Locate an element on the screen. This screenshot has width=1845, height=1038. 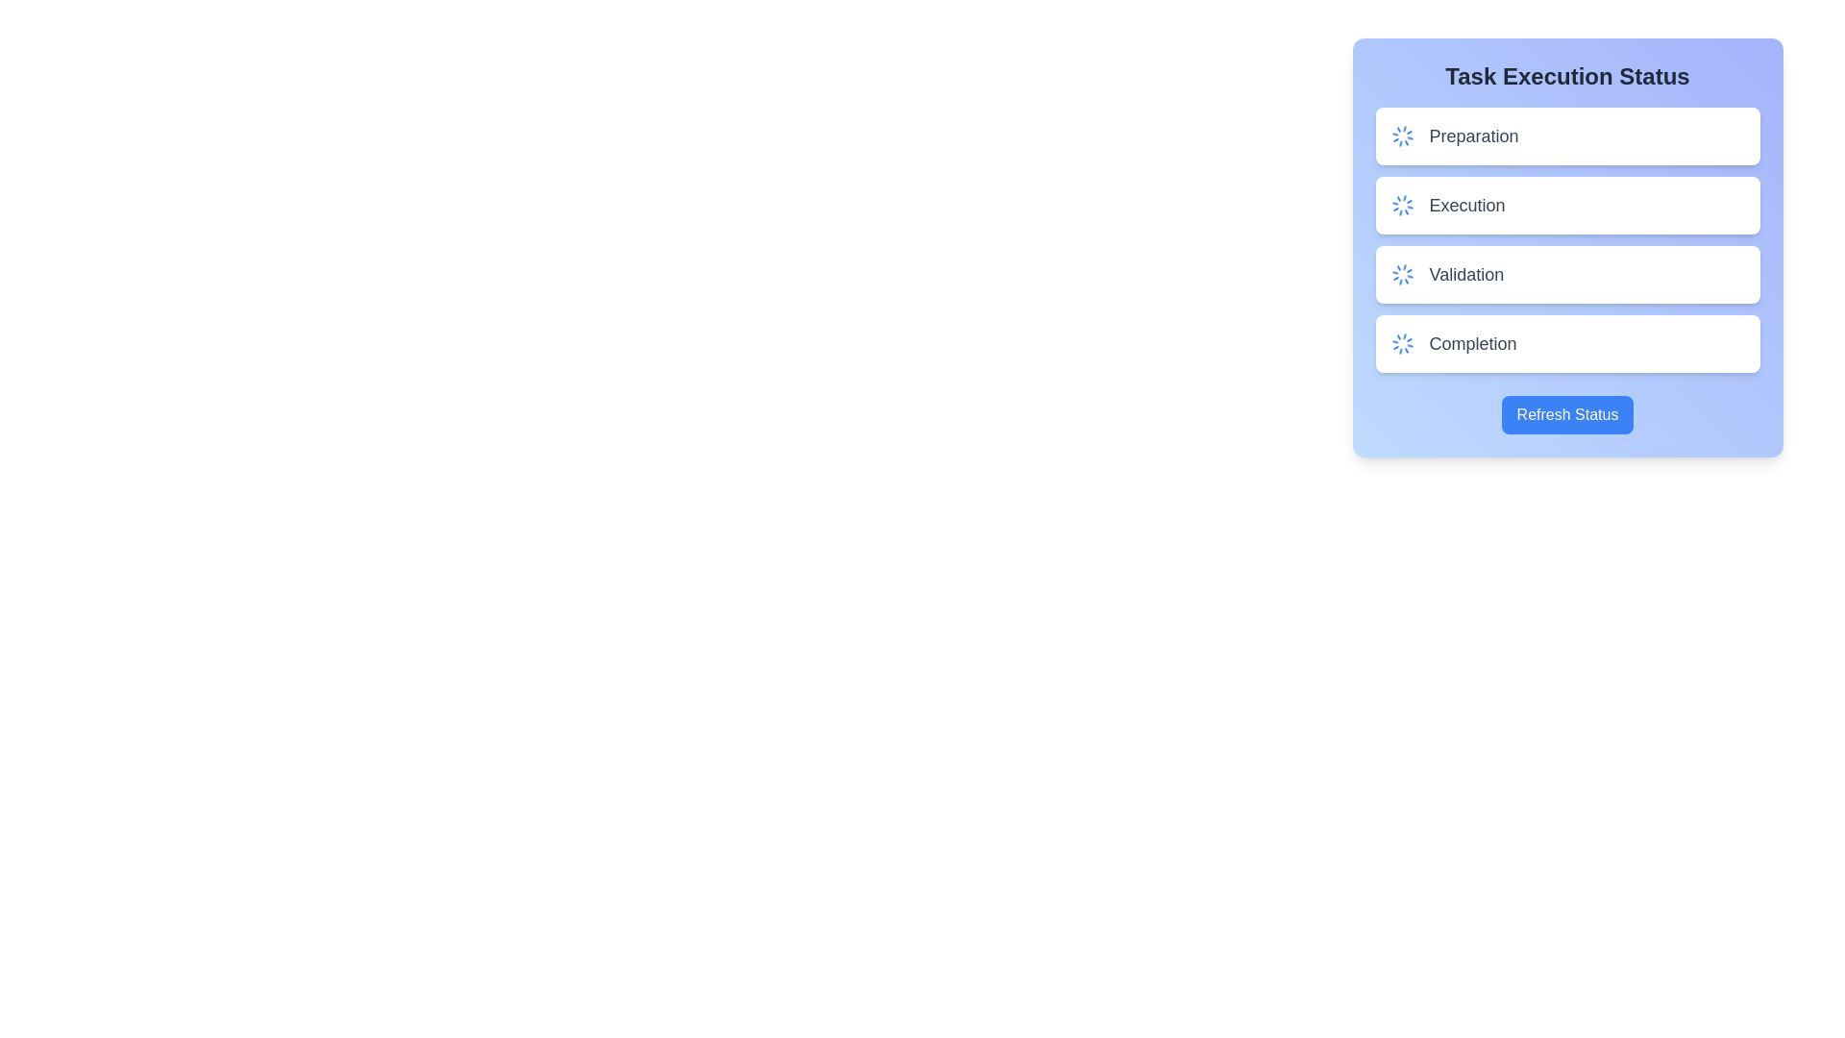
third white card labeled 'Validation' in the Status card, which is part of a vertically aligned sequence of four cards displaying task execution statuses is located at coordinates (1567, 247).